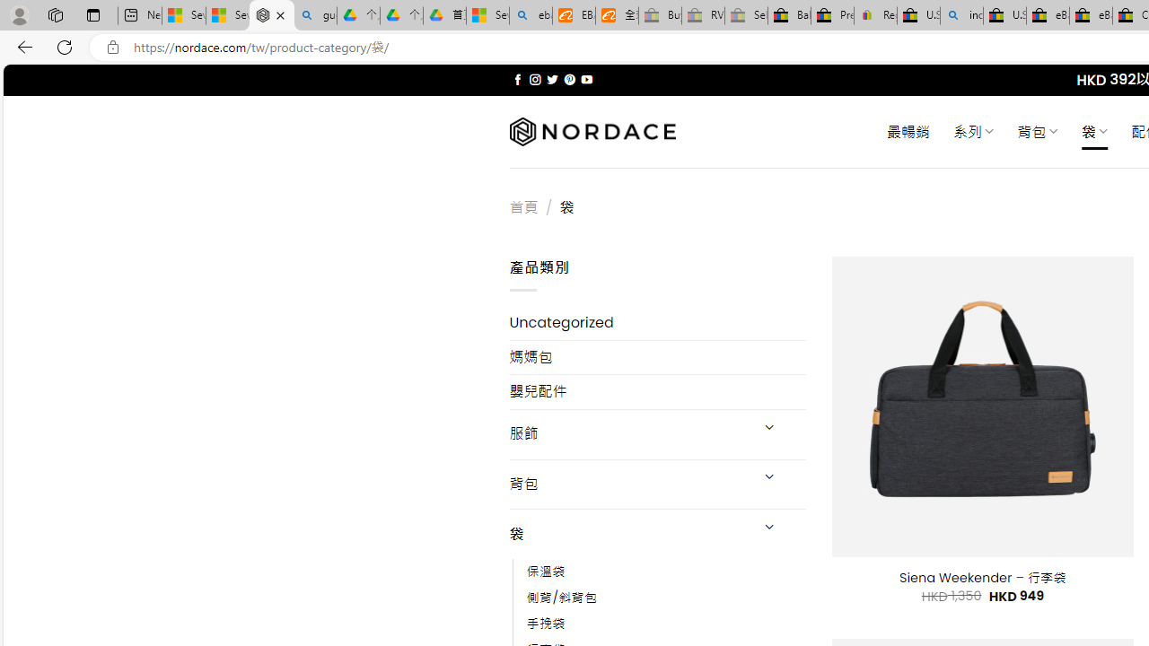 The image size is (1149, 646). What do you see at coordinates (659, 15) in the screenshot?
I see `'Buy Auto Parts & Accessories | eBay - Sleeping'` at bounding box center [659, 15].